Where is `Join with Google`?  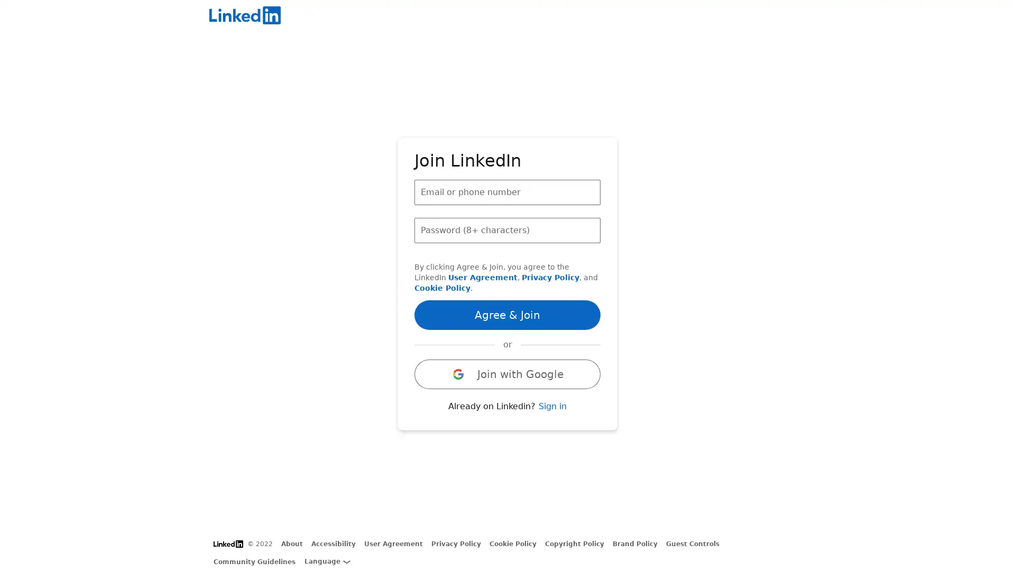 Join with Google is located at coordinates (508, 373).